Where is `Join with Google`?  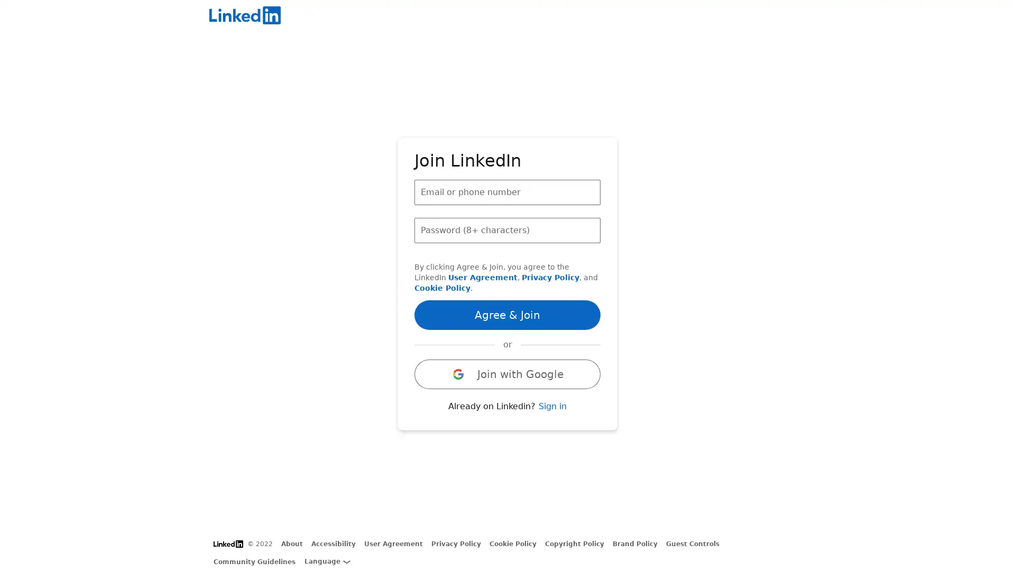 Join with Google is located at coordinates (508, 373).